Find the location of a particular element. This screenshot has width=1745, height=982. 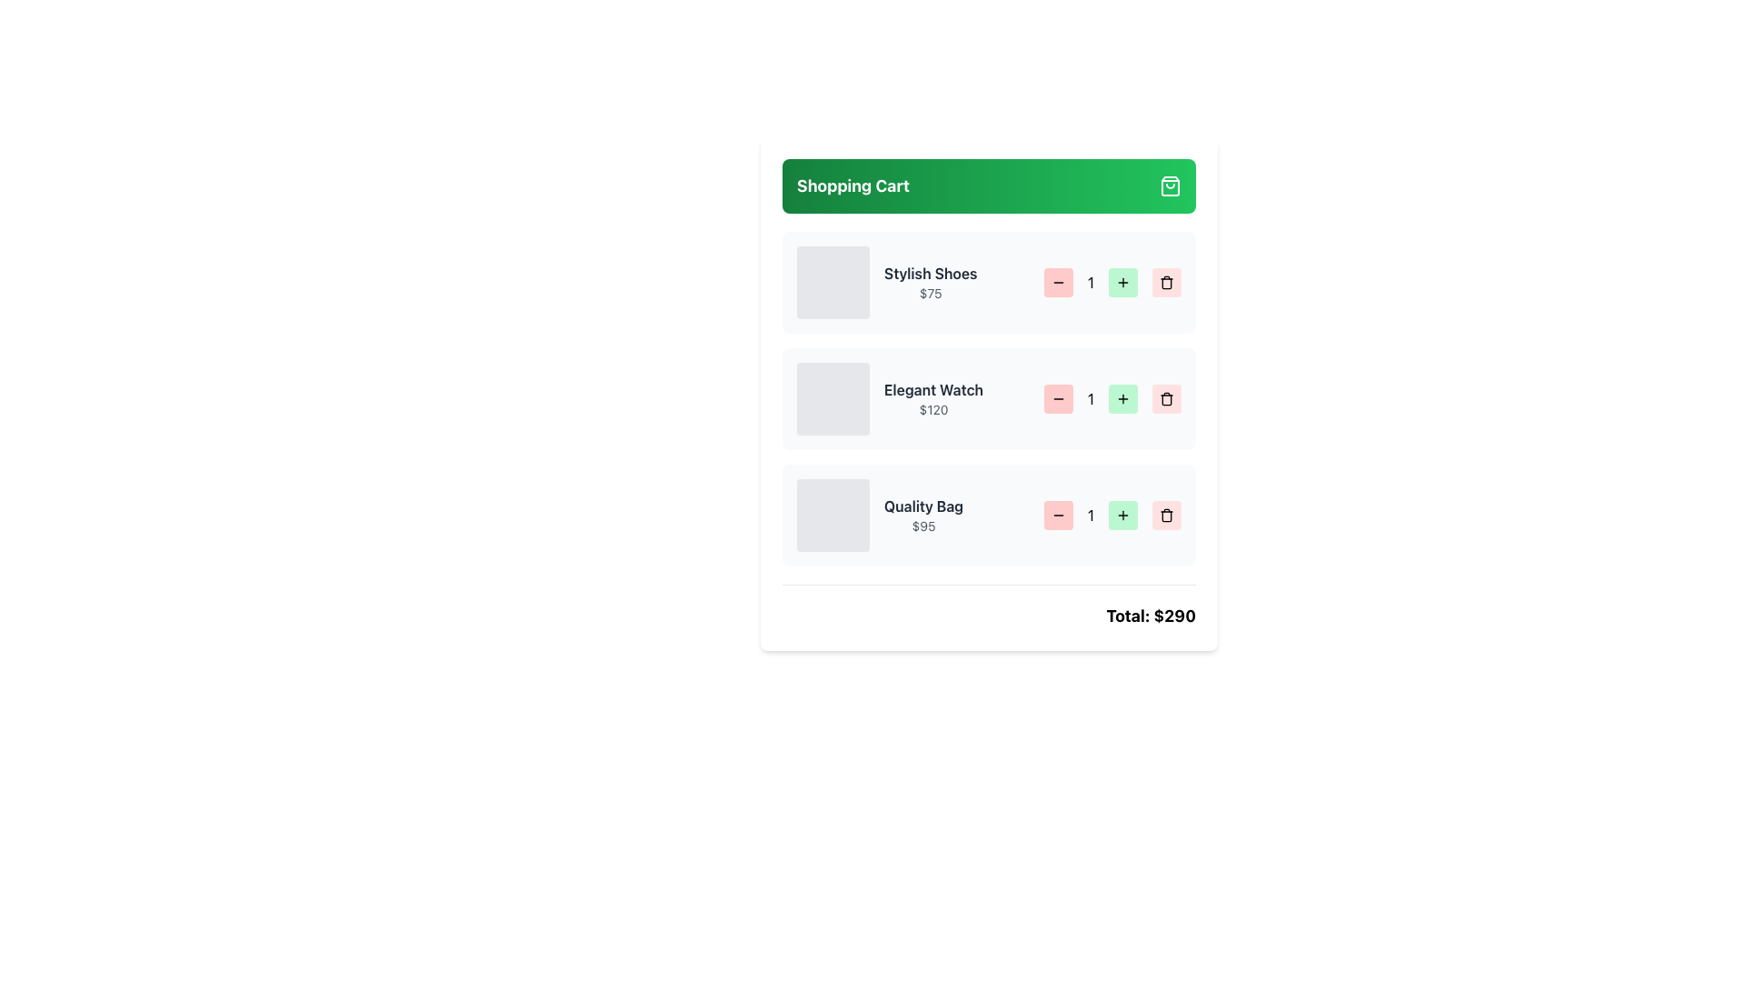

the trash bin icon button located to the right of the first list item under 'Shopping Cart' is located at coordinates (1166, 283).